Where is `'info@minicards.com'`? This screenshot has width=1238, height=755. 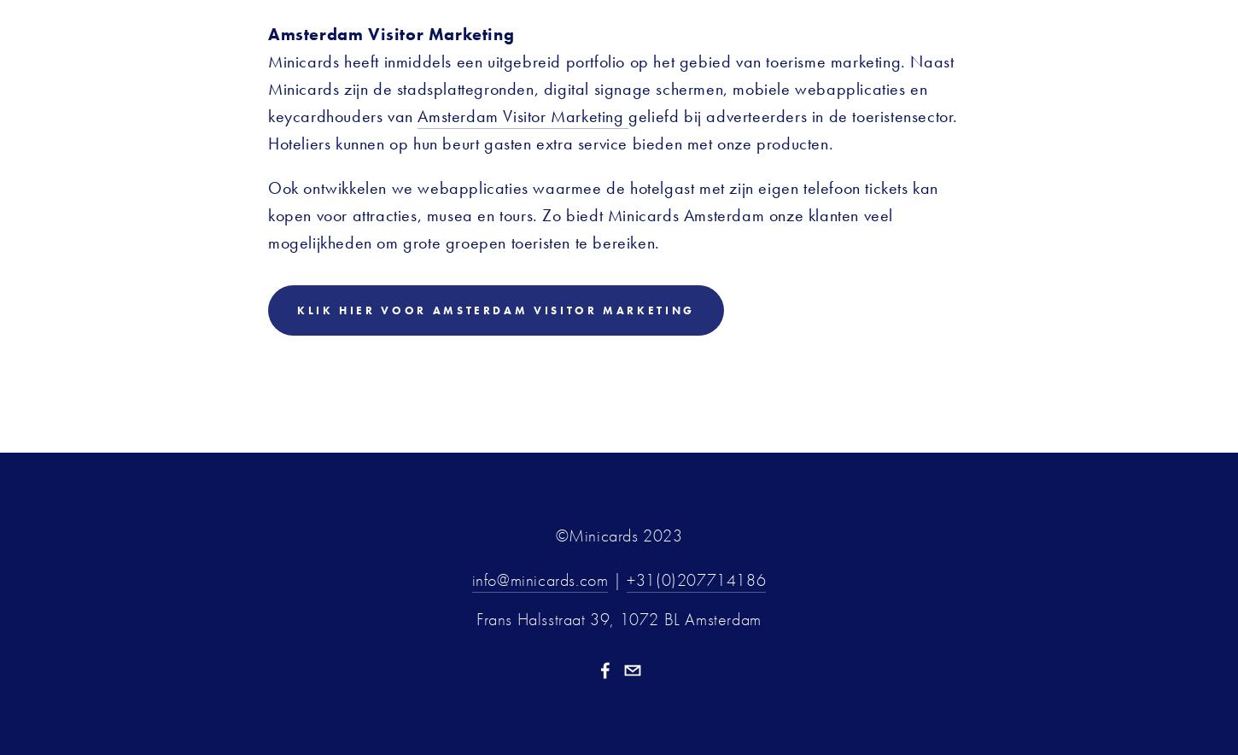
'info@minicards.com' is located at coordinates (539, 579).